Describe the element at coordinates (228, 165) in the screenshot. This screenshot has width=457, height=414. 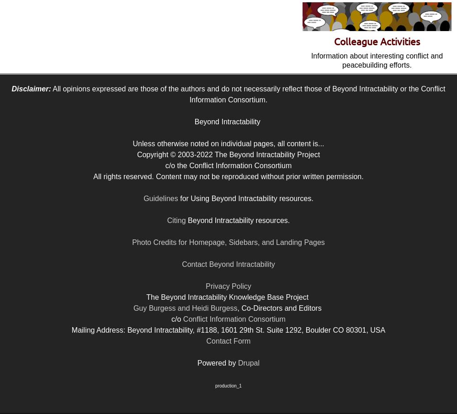
I see `'c/o the Conflict Information Consortium'` at that location.